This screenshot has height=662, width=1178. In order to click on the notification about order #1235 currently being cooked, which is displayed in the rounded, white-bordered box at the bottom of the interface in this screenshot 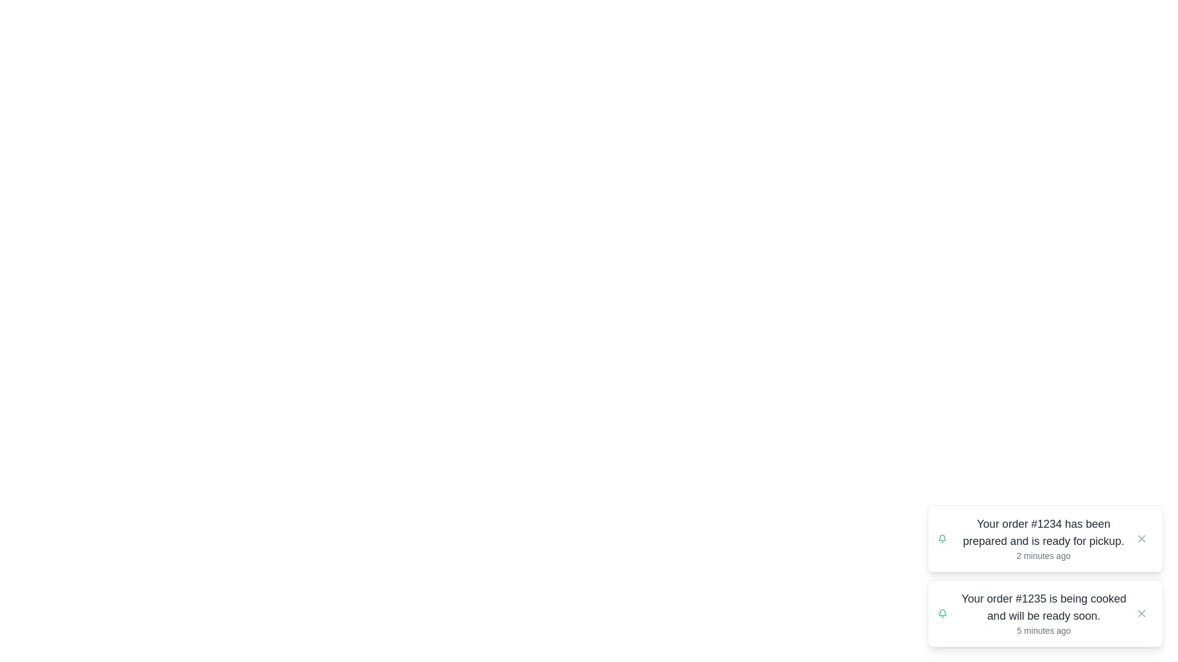, I will do `click(1042, 614)`.